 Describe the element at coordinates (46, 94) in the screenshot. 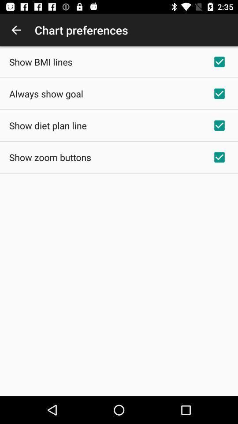

I see `always show goal` at that location.